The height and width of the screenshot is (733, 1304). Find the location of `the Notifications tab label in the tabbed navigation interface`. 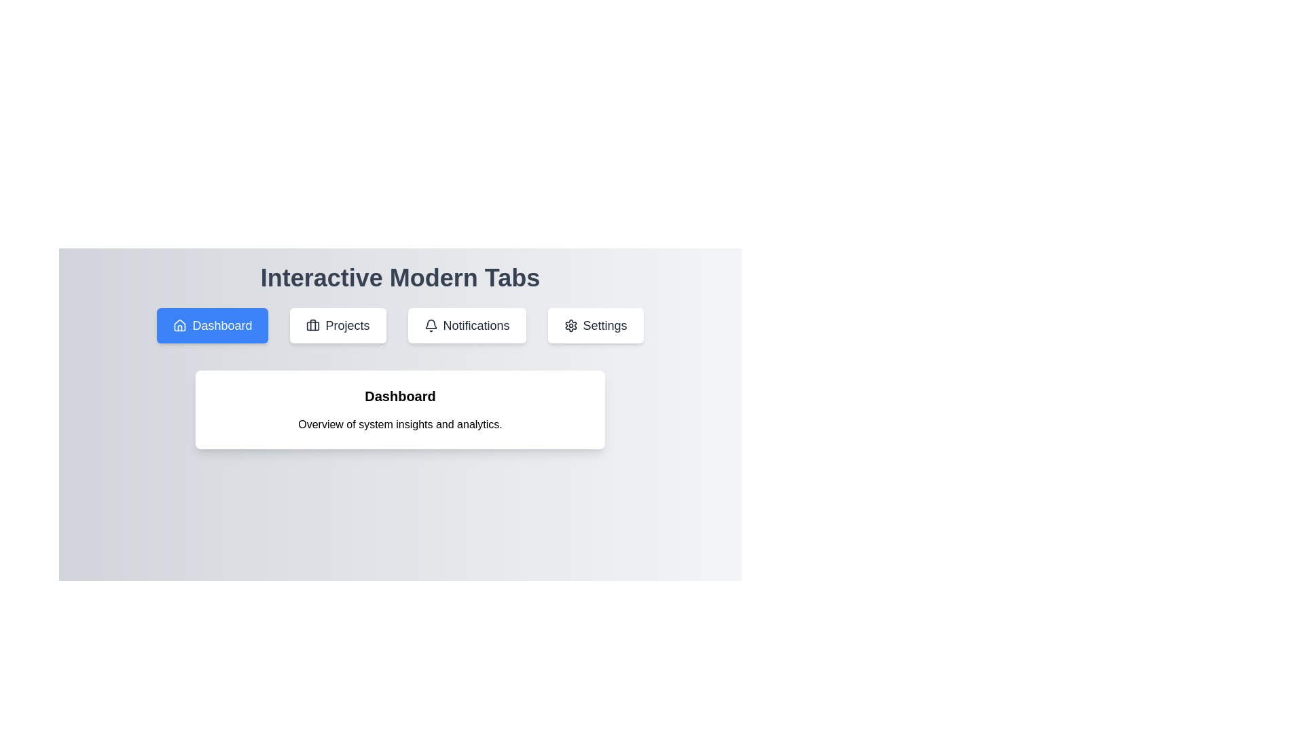

the Notifications tab label in the tabbed navigation interface is located at coordinates (476, 325).